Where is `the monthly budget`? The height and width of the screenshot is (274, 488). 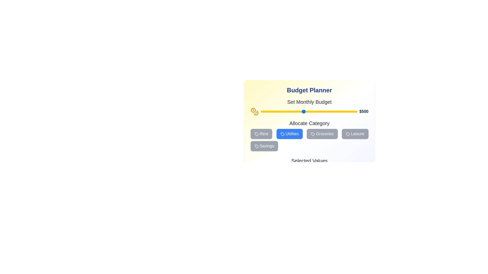 the monthly budget is located at coordinates (343, 111).